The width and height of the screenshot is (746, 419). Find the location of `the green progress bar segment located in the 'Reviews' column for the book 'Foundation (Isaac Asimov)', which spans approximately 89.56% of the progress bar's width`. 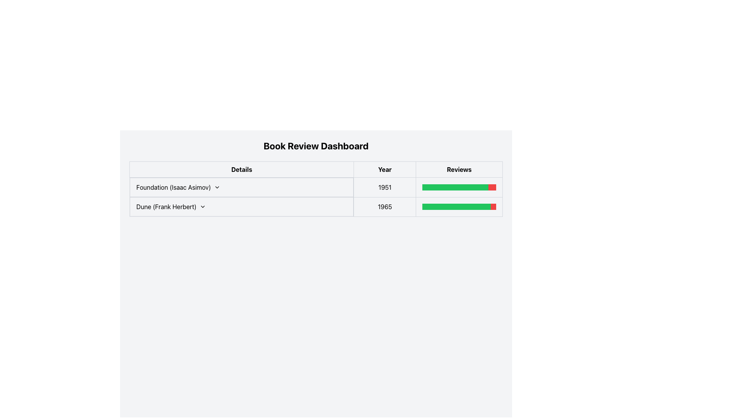

the green progress bar segment located in the 'Reviews' column for the book 'Foundation (Isaac Asimov)', which spans approximately 89.56% of the progress bar's width is located at coordinates (455, 187).